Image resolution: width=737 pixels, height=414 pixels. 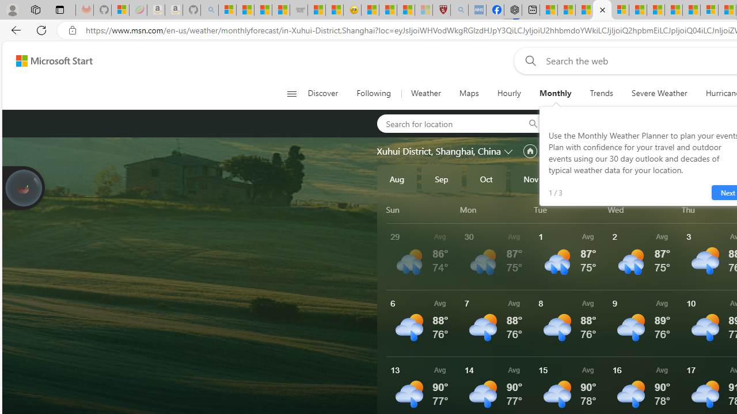 What do you see at coordinates (440, 10) in the screenshot?
I see `'Robert H. Shmerling, MD - Harvard Health'` at bounding box center [440, 10].